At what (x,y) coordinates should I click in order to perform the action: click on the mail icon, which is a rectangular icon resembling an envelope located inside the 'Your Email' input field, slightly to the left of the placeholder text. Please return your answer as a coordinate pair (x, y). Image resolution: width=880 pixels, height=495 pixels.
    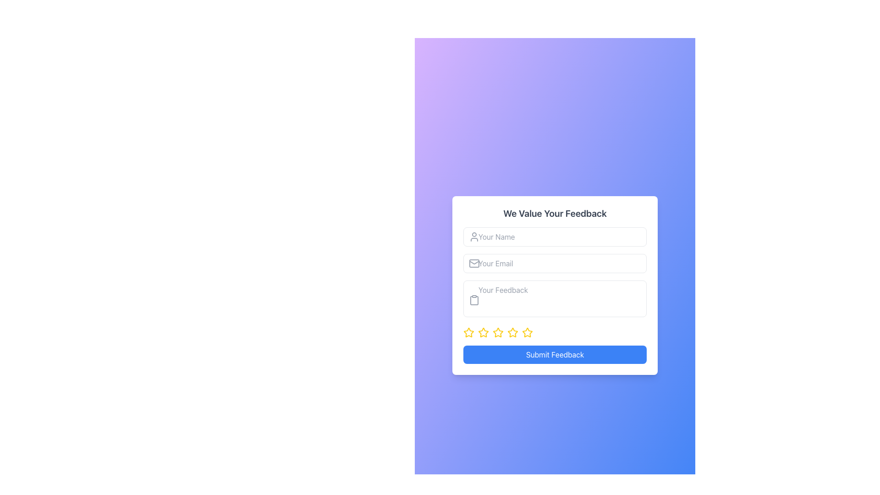
    Looking at the image, I should click on (474, 263).